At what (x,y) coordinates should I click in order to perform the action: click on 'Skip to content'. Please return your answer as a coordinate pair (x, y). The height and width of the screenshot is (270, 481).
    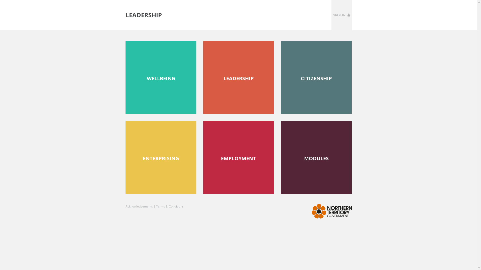
    Looking at the image, I should click on (0, 0).